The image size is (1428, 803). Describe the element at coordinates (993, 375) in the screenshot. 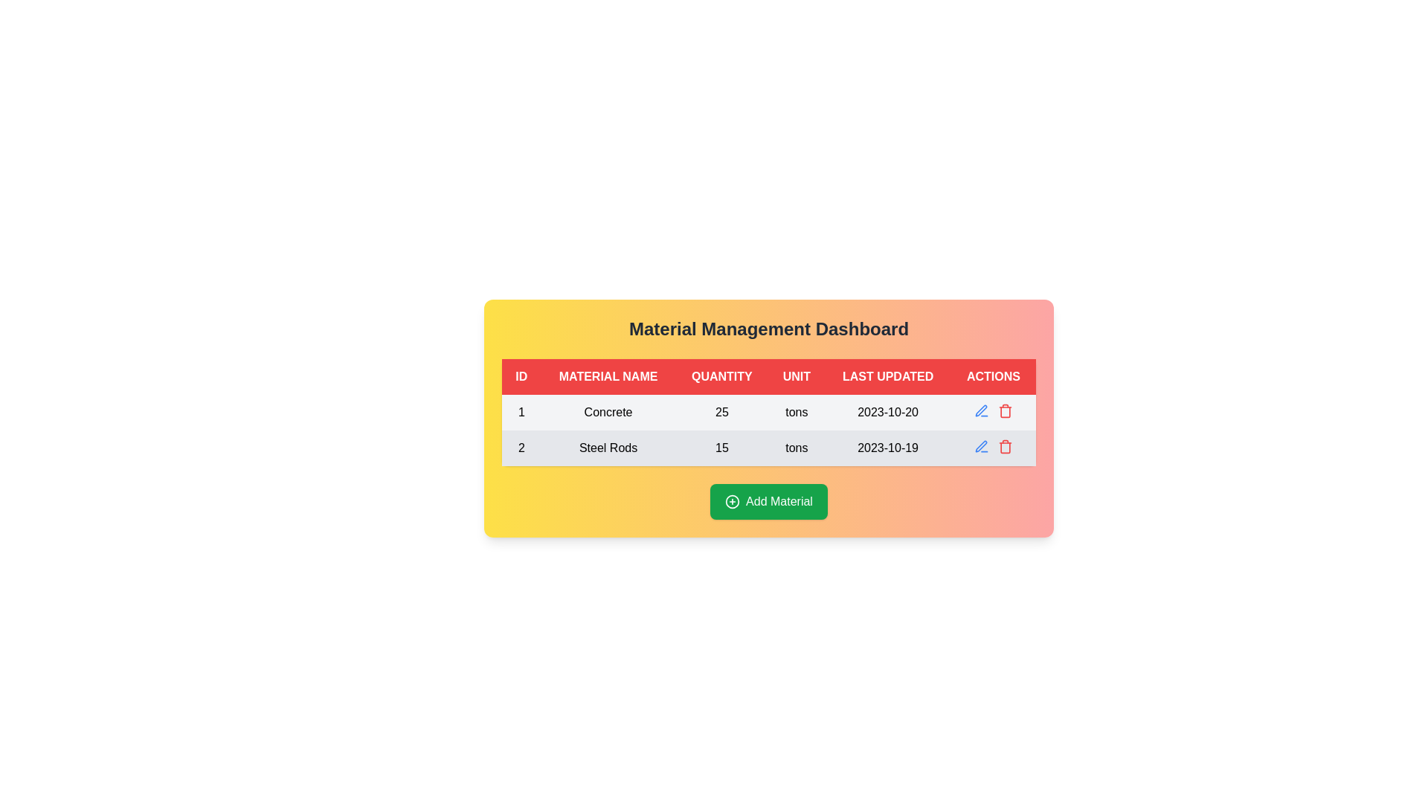

I see `the 'Actions' table header element, which is the last cell in the header row with red background and white uppercase text` at that location.